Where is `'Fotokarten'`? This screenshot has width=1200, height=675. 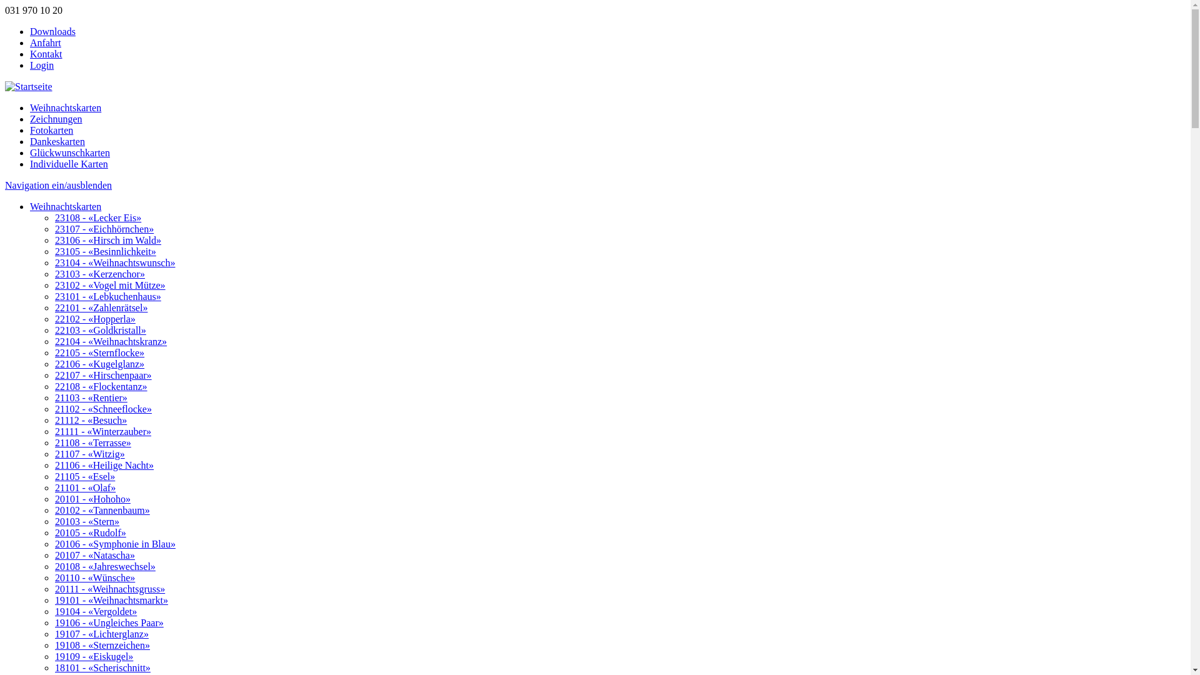
'Fotokarten' is located at coordinates (30, 130).